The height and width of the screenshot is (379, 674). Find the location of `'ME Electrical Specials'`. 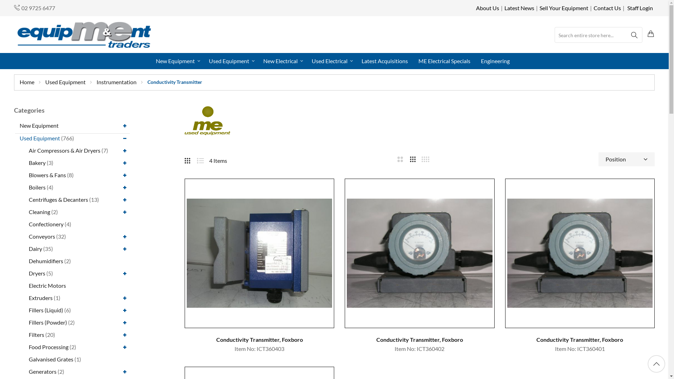

'ME Electrical Specials' is located at coordinates (444, 60).